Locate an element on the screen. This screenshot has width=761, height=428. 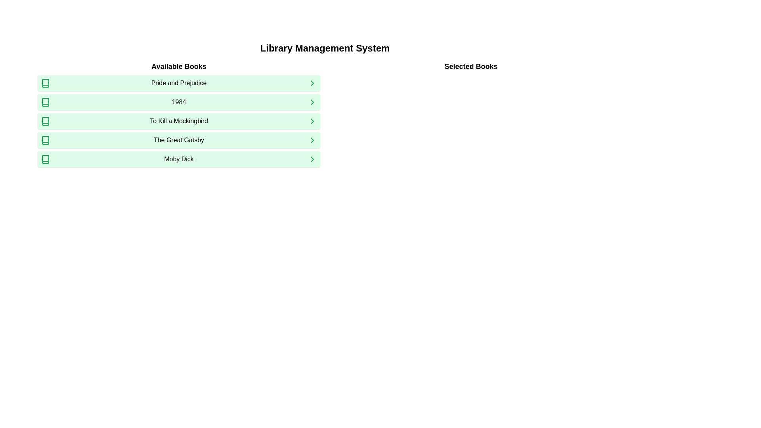
to select the book 'Pride and Prejudice' from the first item in the selectable list under the header 'Available Books' is located at coordinates (178, 83).